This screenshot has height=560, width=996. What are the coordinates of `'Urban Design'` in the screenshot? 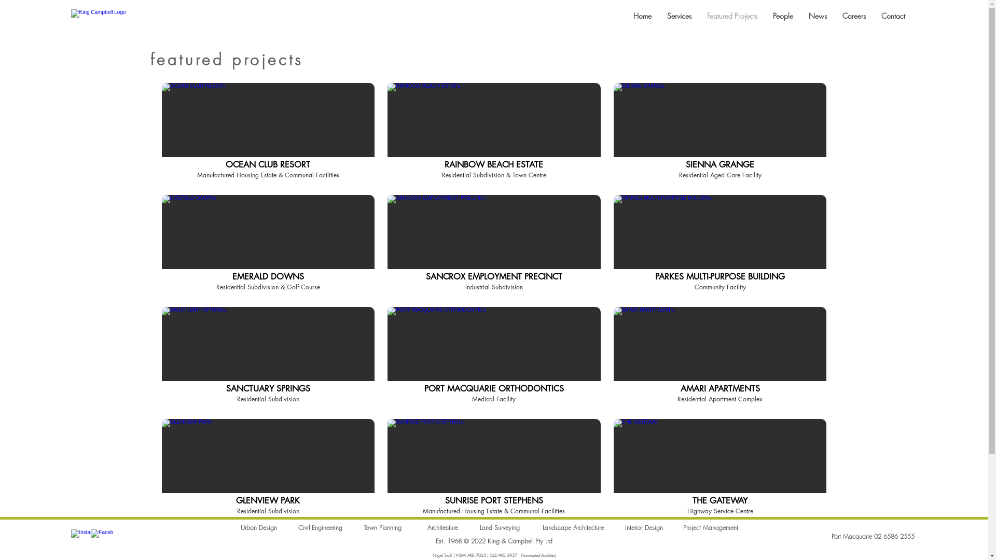 It's located at (259, 527).